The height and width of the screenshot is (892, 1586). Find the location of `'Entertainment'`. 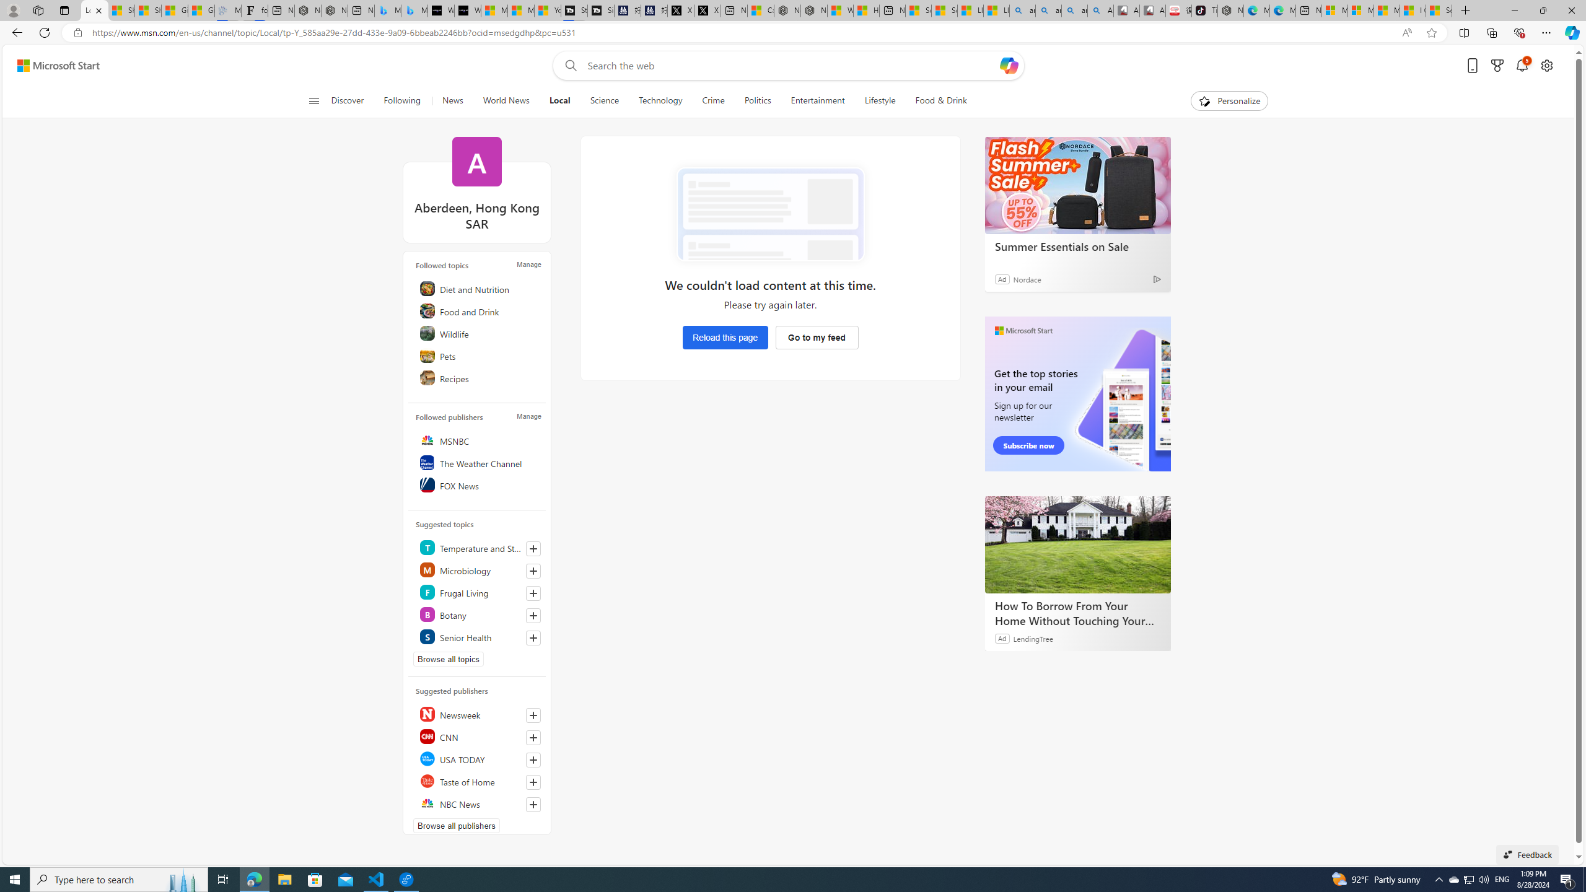

'Entertainment' is located at coordinates (817, 100).